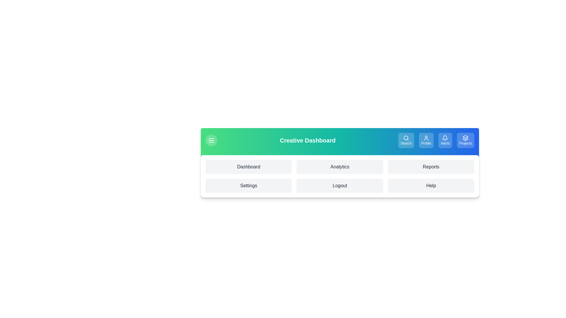 The image size is (566, 318). I want to click on the menu item labeled Dashboard, so click(249, 167).